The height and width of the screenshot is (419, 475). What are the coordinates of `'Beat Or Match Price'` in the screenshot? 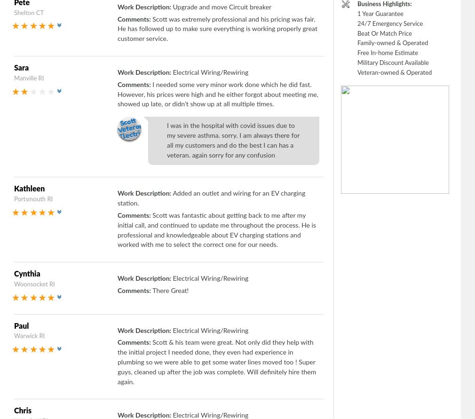 It's located at (384, 33).